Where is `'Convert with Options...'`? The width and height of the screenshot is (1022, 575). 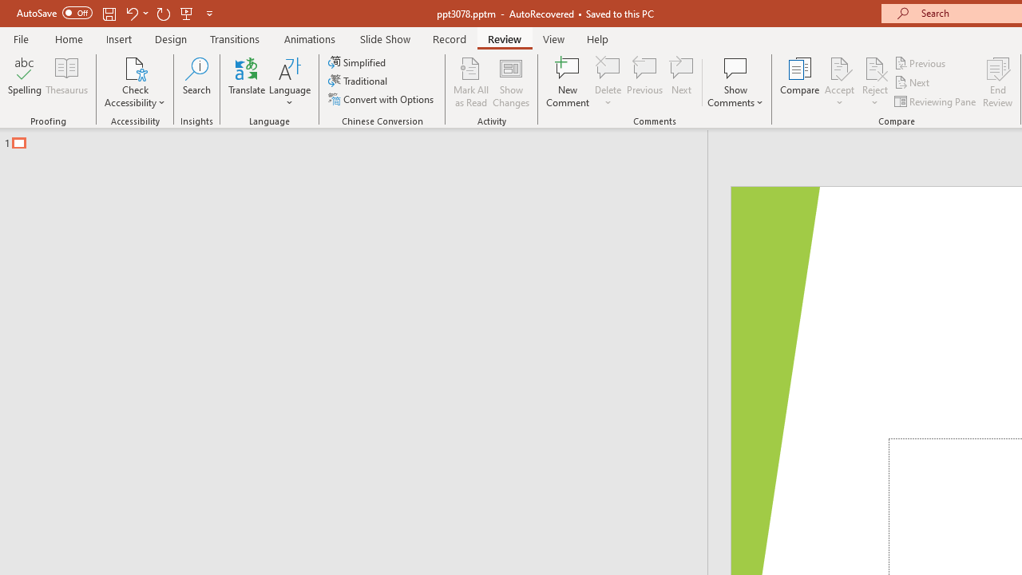
'Convert with Options...' is located at coordinates (382, 99).